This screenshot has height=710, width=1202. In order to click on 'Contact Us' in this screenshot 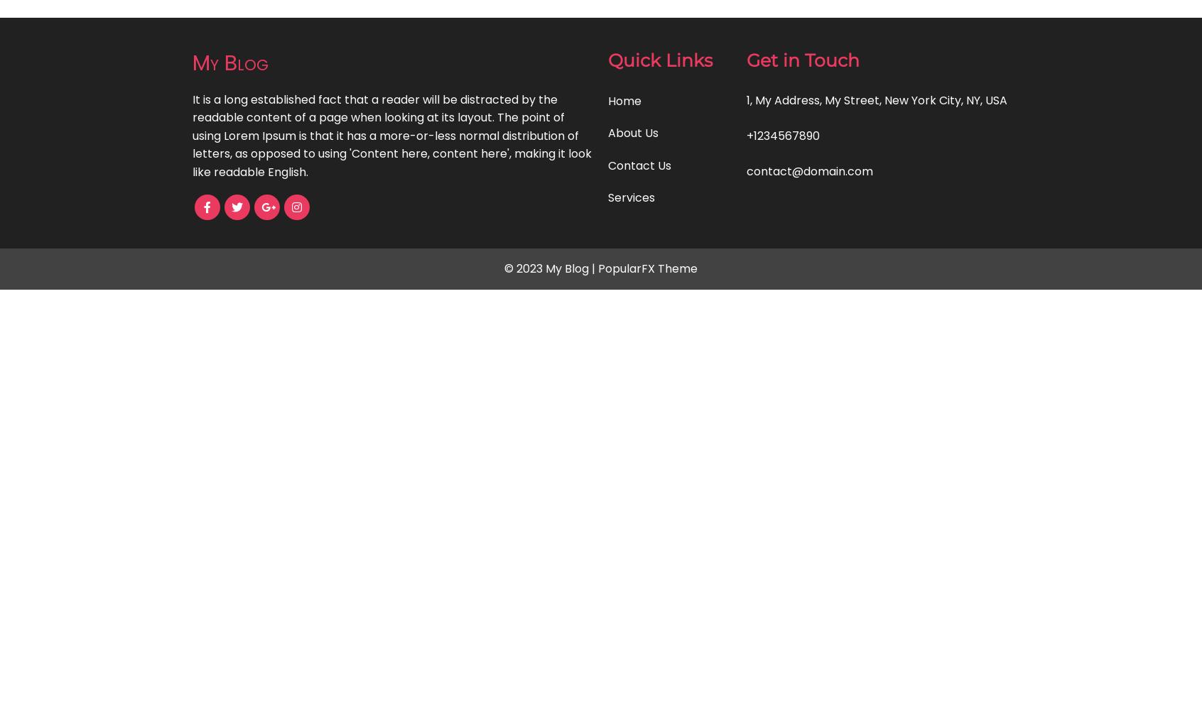, I will do `click(607, 164)`.